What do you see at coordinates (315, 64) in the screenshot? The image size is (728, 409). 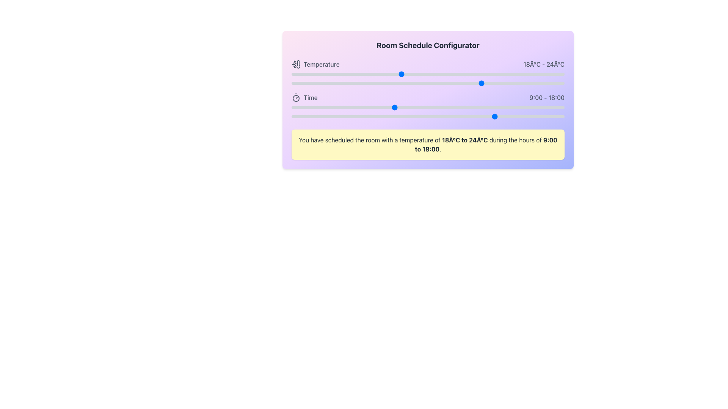 I see `the 'Temperature' label that features a thermometer icon with a snowflake, located in the top-left of the room configuration bar for additional related interactions` at bounding box center [315, 64].